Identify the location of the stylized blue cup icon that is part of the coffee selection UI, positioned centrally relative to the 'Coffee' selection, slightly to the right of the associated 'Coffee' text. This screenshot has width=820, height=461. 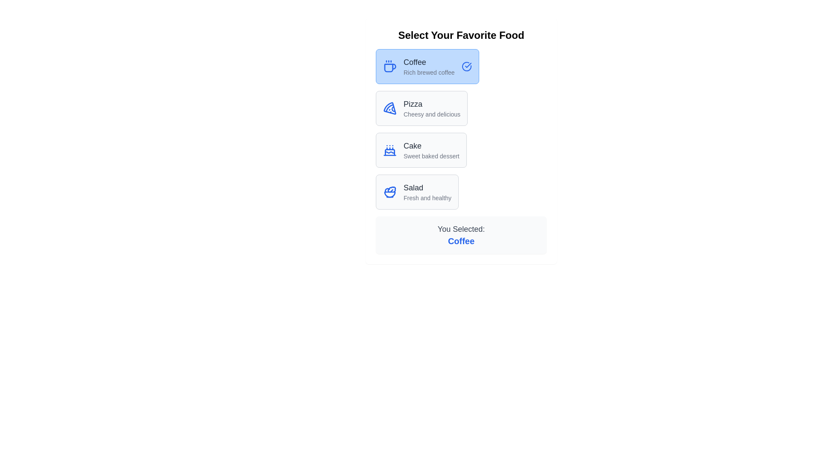
(389, 67).